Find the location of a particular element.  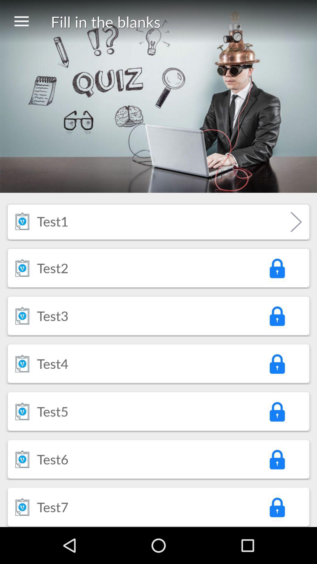

test4 is located at coordinates (52, 363).